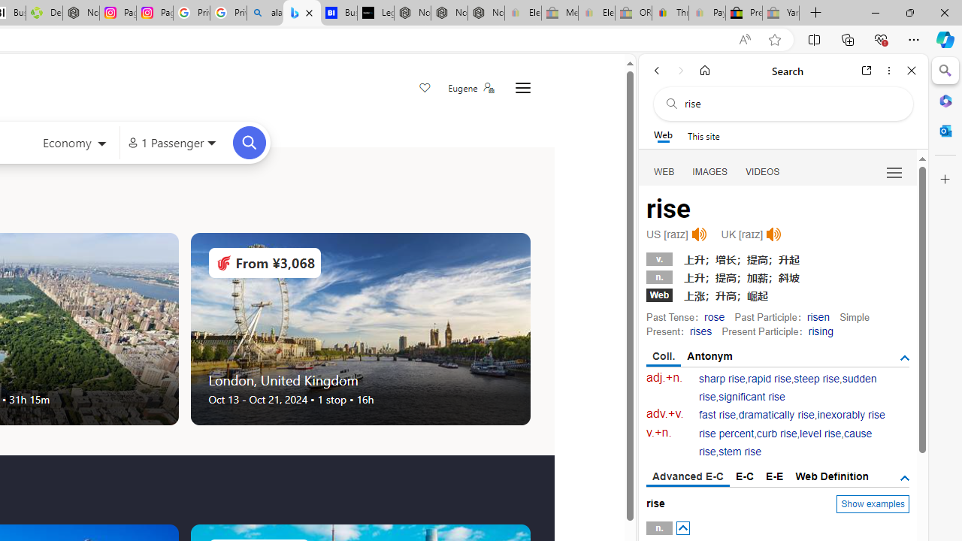 The height and width of the screenshot is (541, 962). What do you see at coordinates (709, 171) in the screenshot?
I see `'IMAGES'` at bounding box center [709, 171].